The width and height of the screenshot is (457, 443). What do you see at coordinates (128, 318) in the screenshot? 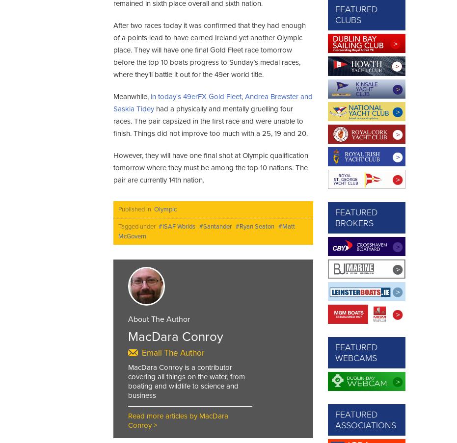
I see `'About The Author'` at bounding box center [128, 318].